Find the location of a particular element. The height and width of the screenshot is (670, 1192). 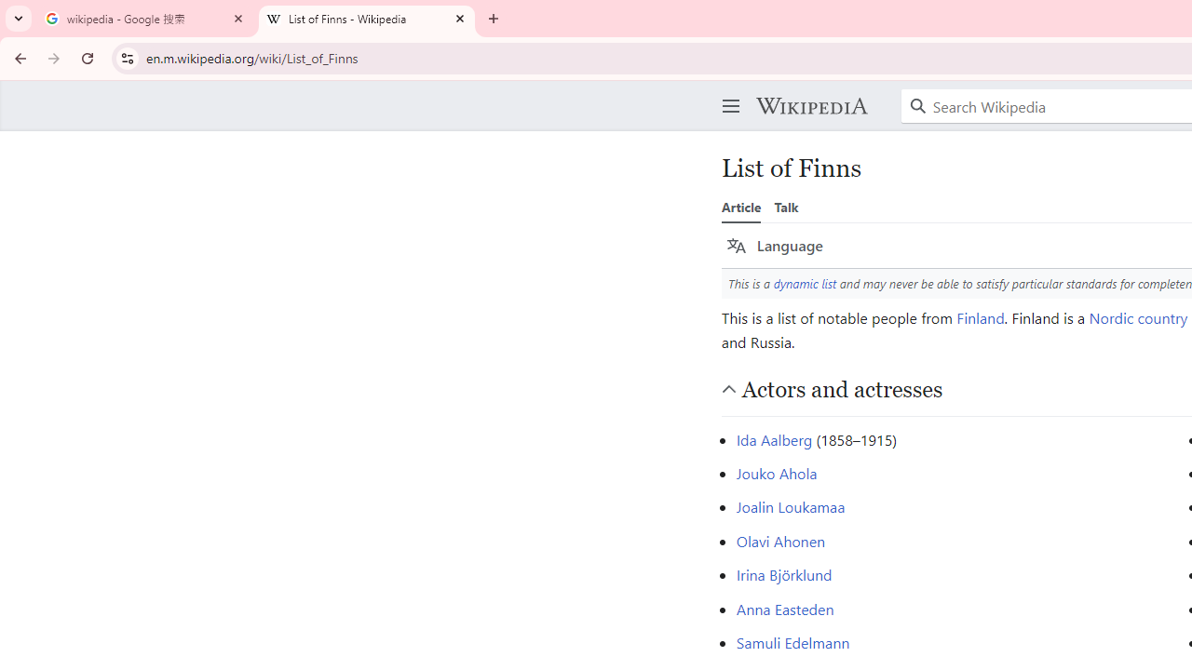

'Joalin Loukamaa' is located at coordinates (790, 507).